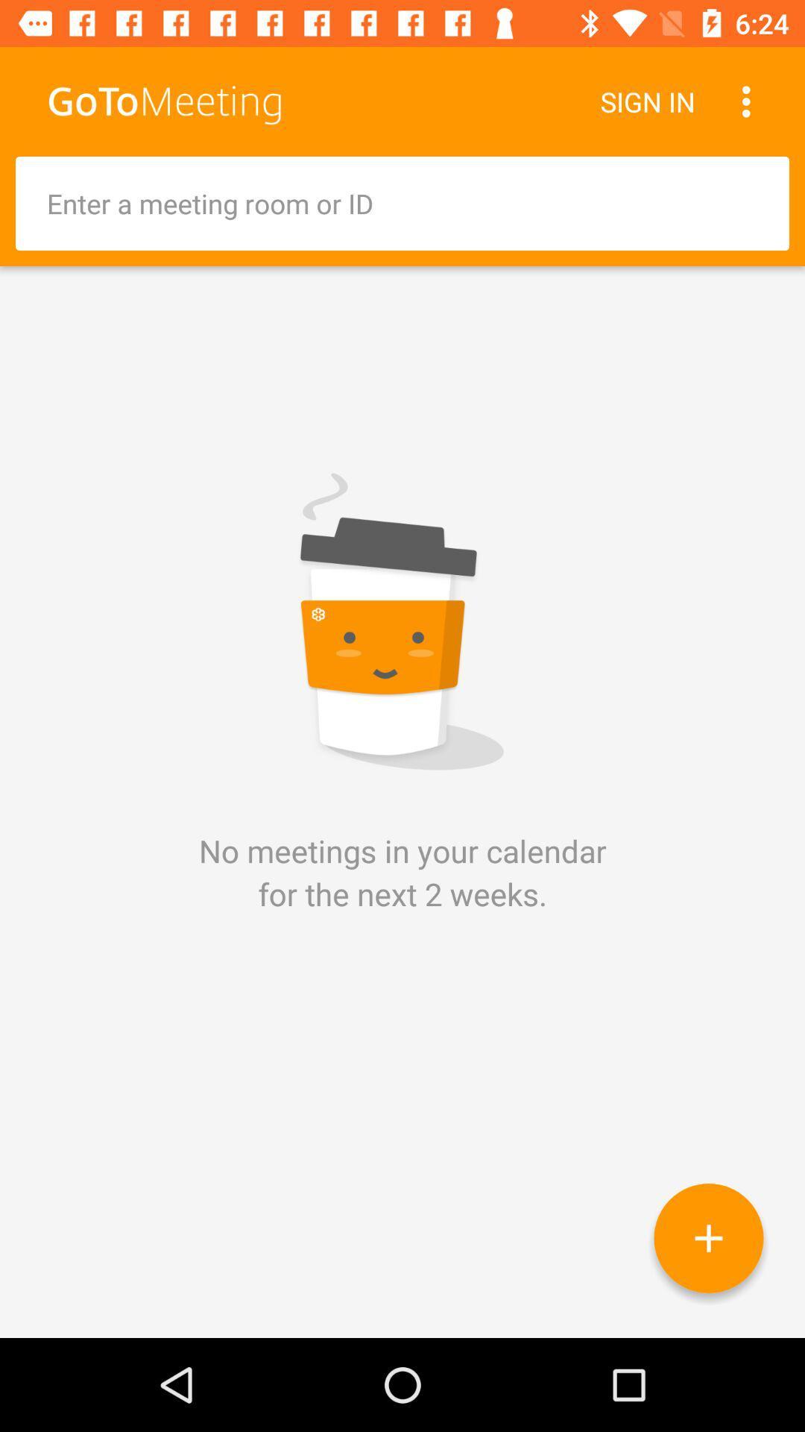 The width and height of the screenshot is (805, 1432). I want to click on meeting, so click(708, 1238).